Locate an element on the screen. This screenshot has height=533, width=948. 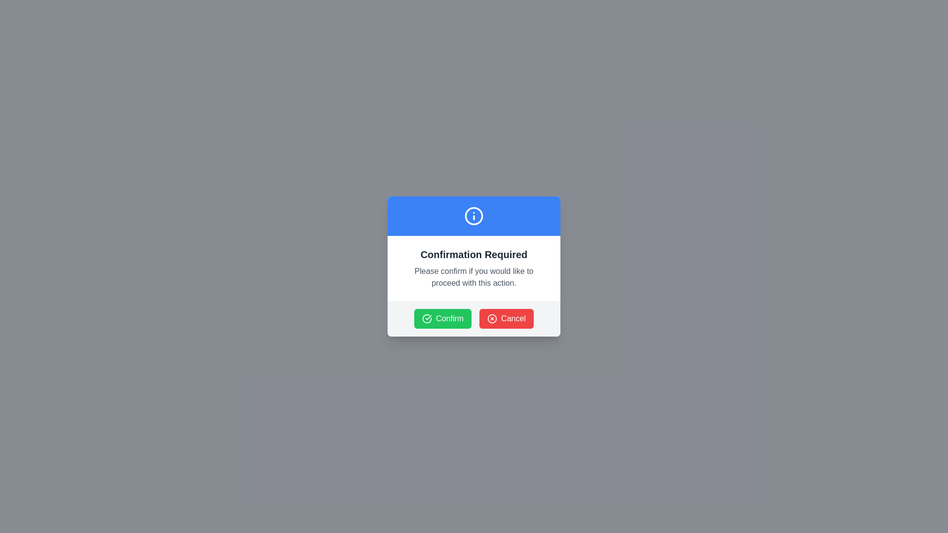
the decorative circular graphic of the information icon within the confirmation dialog, which visually indicates the purpose of the dialog box as an informational message is located at coordinates (474, 216).